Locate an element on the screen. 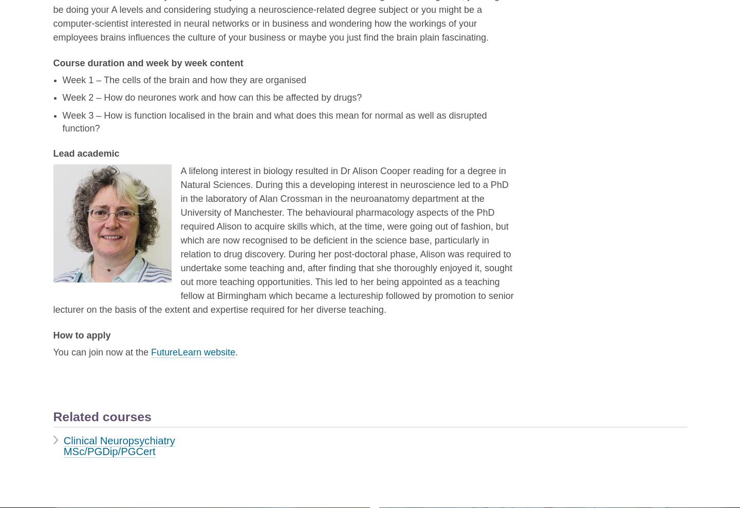  'Week 2 – How do neurones work and how can this be affected by drugs?' is located at coordinates (211, 97).